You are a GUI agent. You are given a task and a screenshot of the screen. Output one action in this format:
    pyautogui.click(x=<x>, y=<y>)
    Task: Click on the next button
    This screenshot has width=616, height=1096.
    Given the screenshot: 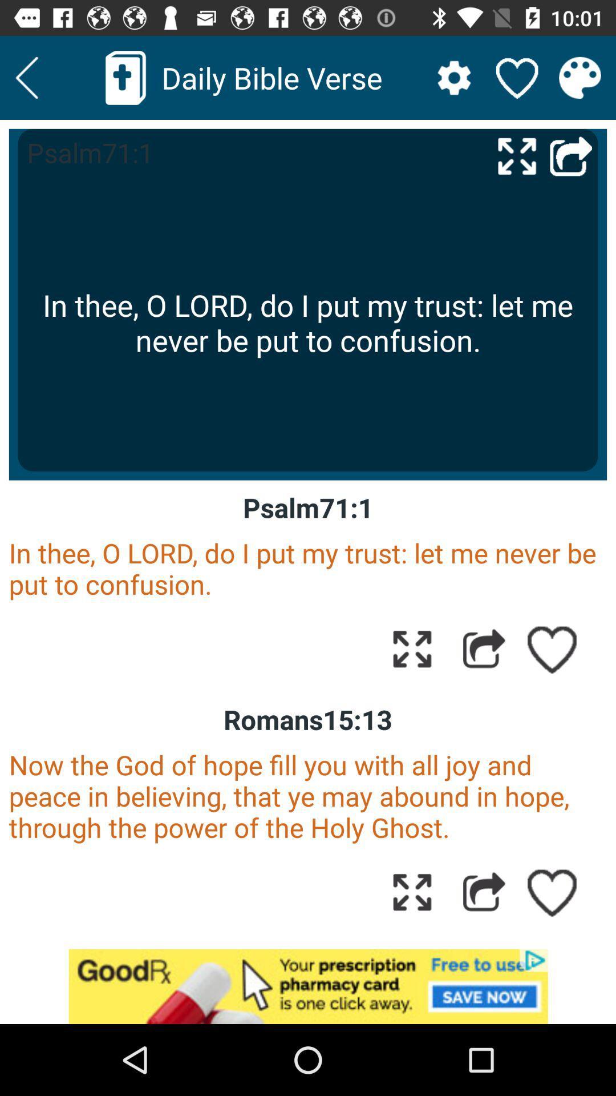 What is the action you would take?
    pyautogui.click(x=26, y=77)
    